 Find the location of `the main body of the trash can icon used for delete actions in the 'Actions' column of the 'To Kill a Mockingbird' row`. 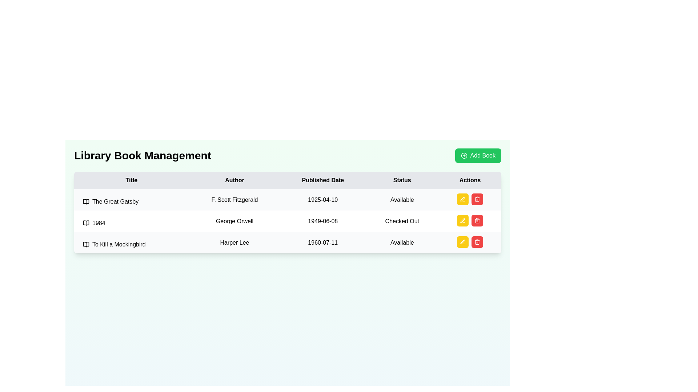

the main body of the trash can icon used for delete actions in the 'Actions' column of the 'To Kill a Mockingbird' row is located at coordinates (477, 242).